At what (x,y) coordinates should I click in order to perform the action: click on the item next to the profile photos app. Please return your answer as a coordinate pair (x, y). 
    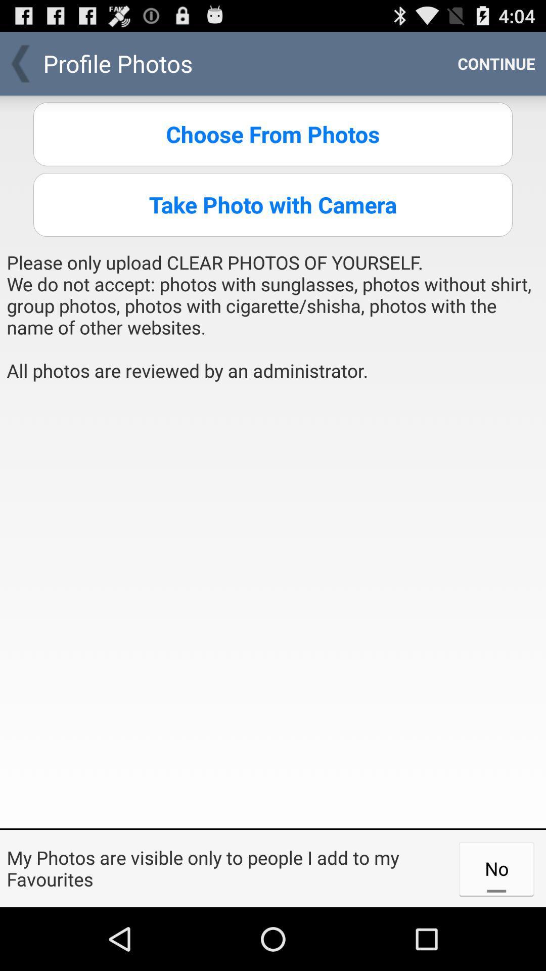
    Looking at the image, I should click on (496, 63).